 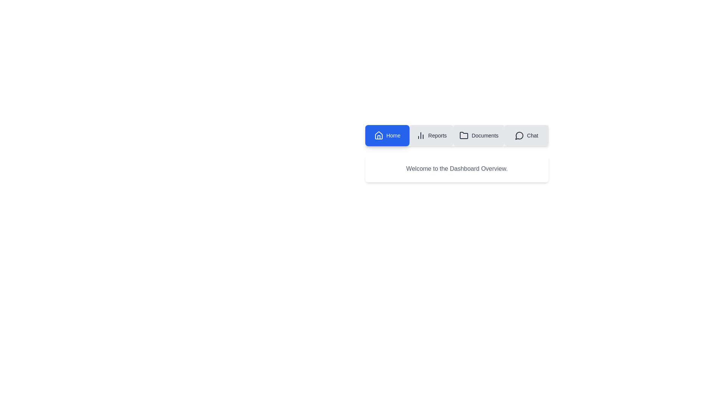 What do you see at coordinates (431, 135) in the screenshot?
I see `the tab labeled Reports` at bounding box center [431, 135].